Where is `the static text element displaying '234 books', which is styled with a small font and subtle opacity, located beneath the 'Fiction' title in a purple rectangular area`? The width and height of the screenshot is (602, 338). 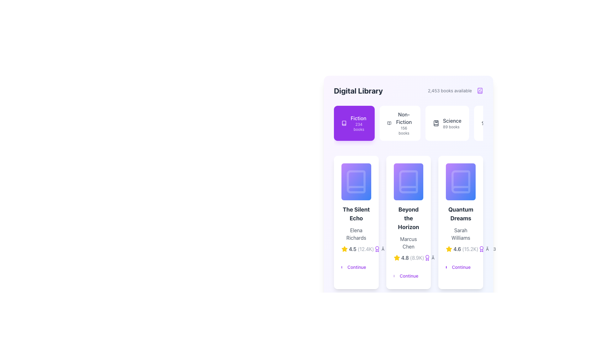
the static text element displaying '234 books', which is styled with a small font and subtle opacity, located beneath the 'Fiction' title in a purple rectangular area is located at coordinates (359, 127).